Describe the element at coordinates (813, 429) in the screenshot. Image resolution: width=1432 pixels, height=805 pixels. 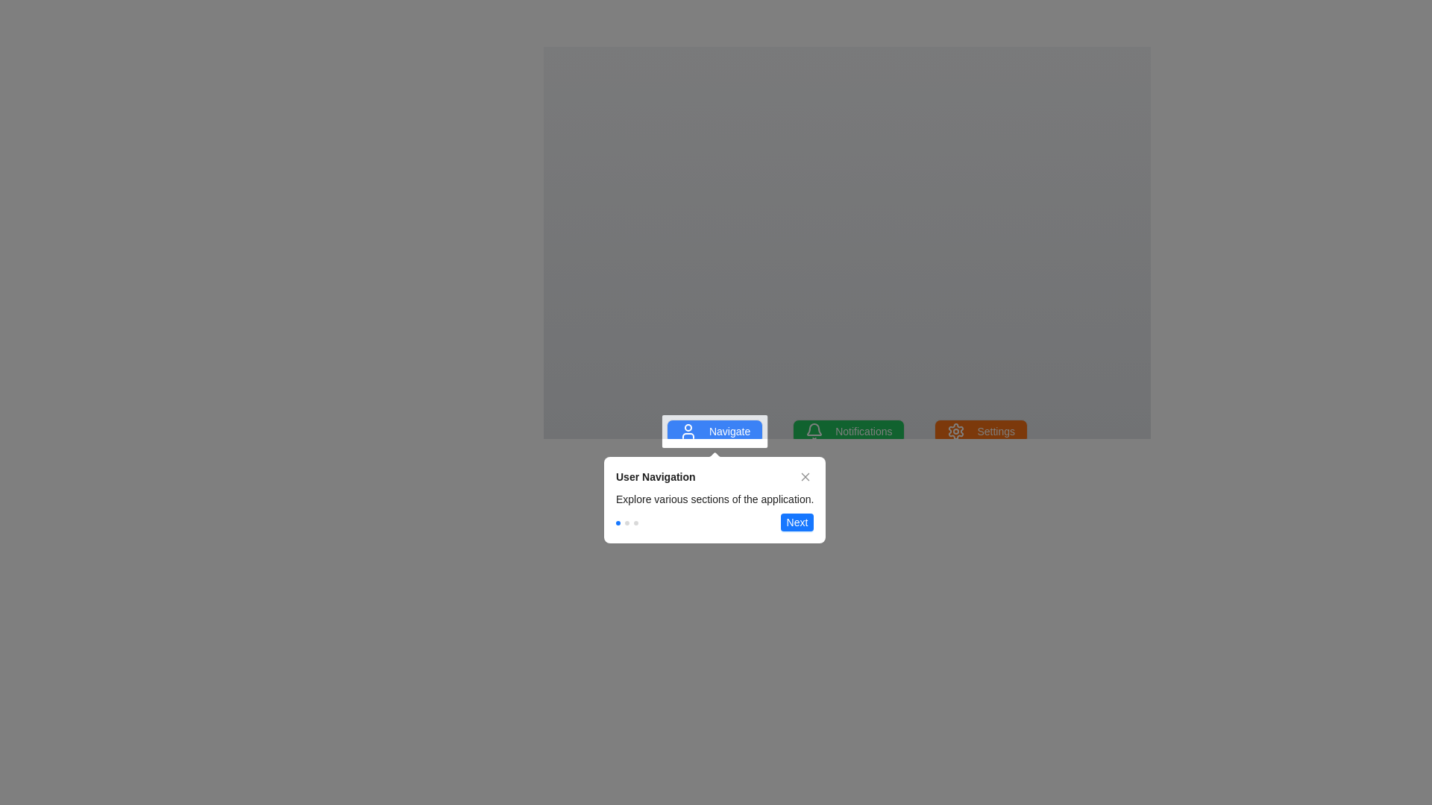
I see `the notification icon located centrally in the top notification bar` at that location.